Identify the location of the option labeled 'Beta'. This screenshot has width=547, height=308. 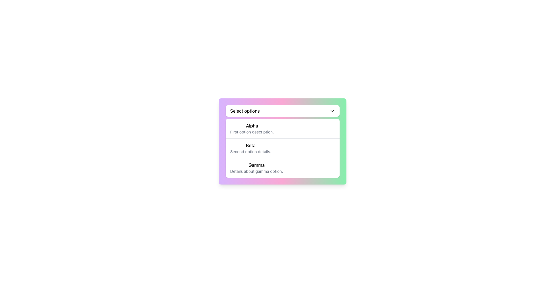
(250, 145).